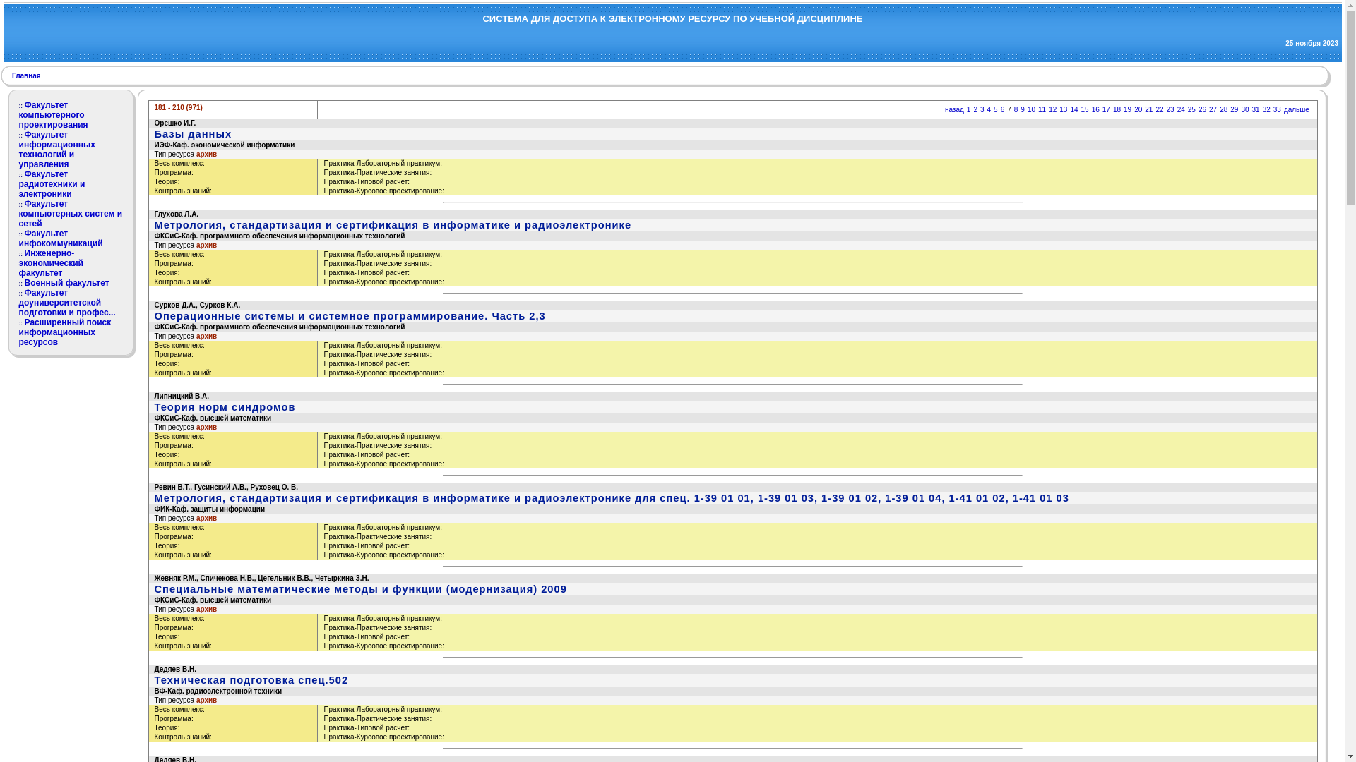  What do you see at coordinates (1037, 109) in the screenshot?
I see `'11'` at bounding box center [1037, 109].